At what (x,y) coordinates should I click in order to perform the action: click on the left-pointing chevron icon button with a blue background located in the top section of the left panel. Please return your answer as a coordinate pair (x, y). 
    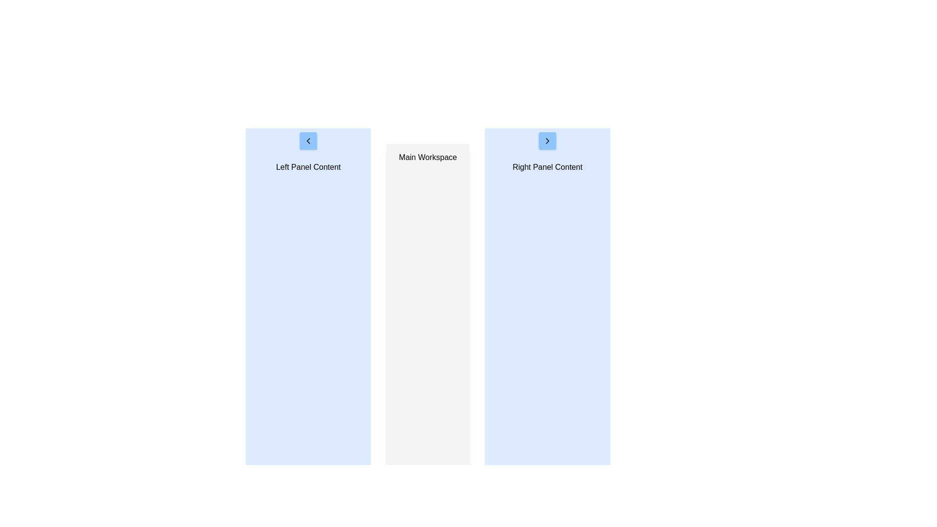
    Looking at the image, I should click on (308, 141).